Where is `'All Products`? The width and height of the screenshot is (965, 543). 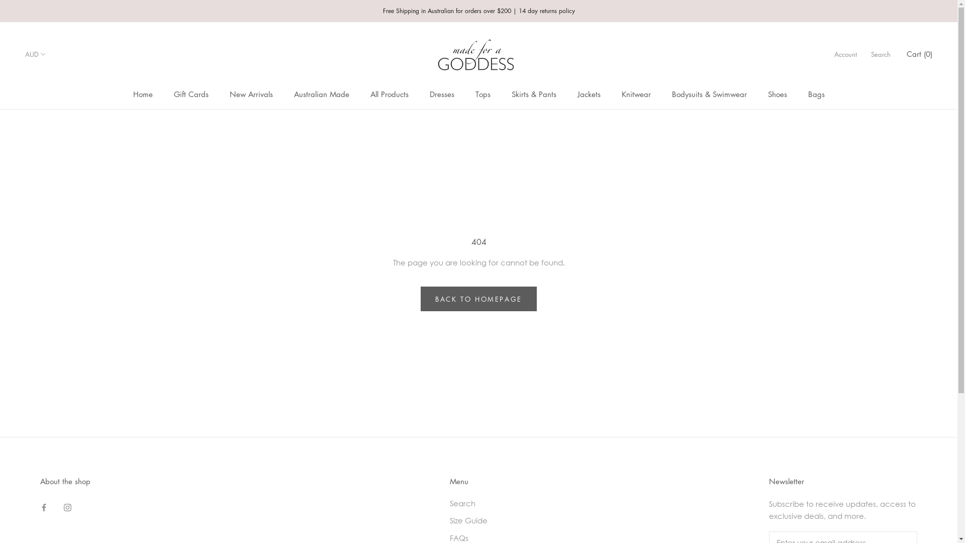
'All Products is located at coordinates (369, 94).